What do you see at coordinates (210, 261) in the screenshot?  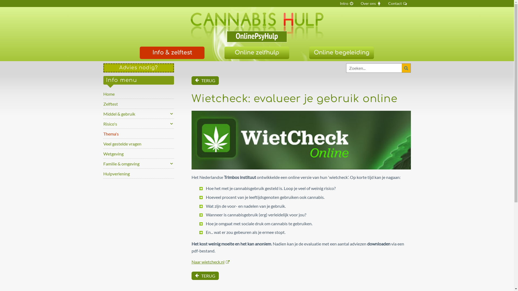 I see `'Naar wietcheck.nl'` at bounding box center [210, 261].